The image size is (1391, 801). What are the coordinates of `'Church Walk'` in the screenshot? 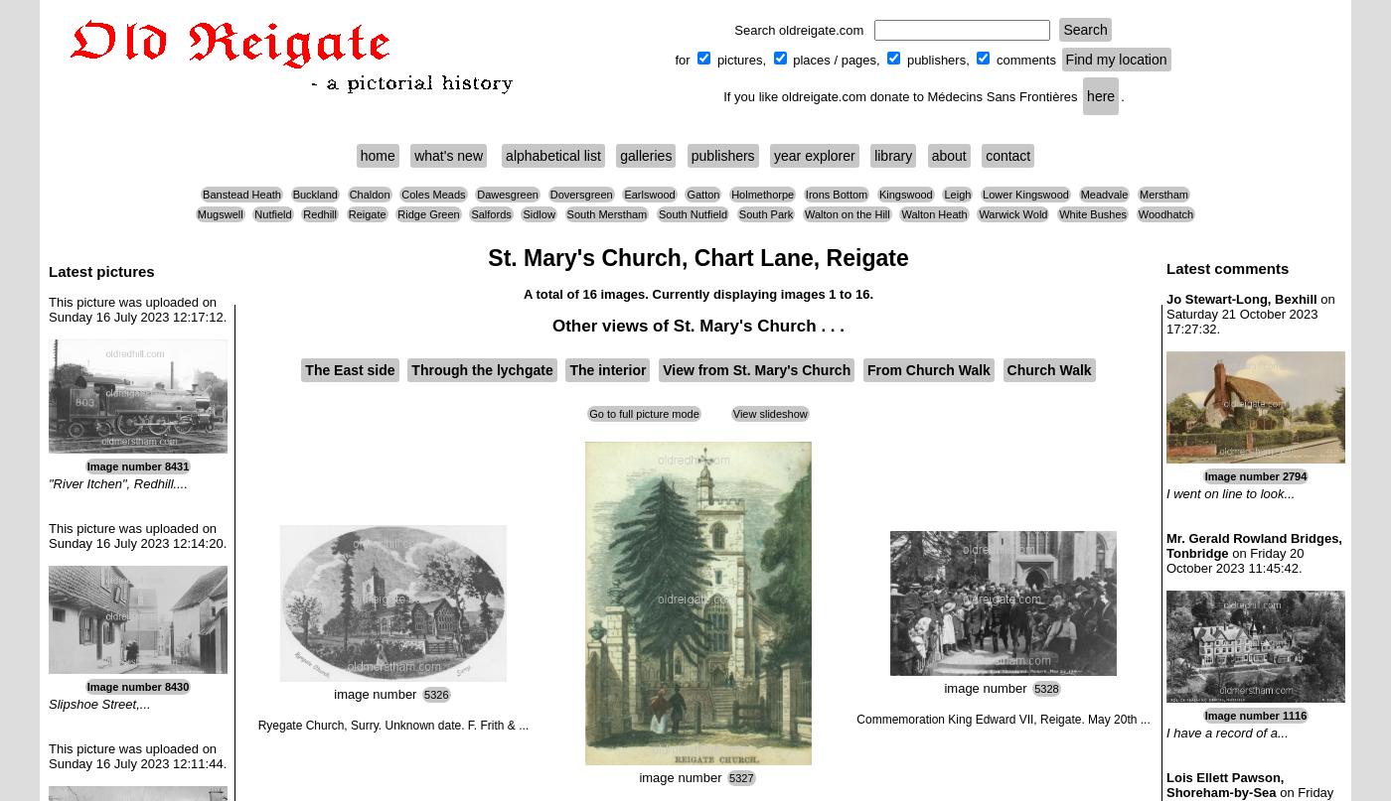 It's located at (1048, 369).